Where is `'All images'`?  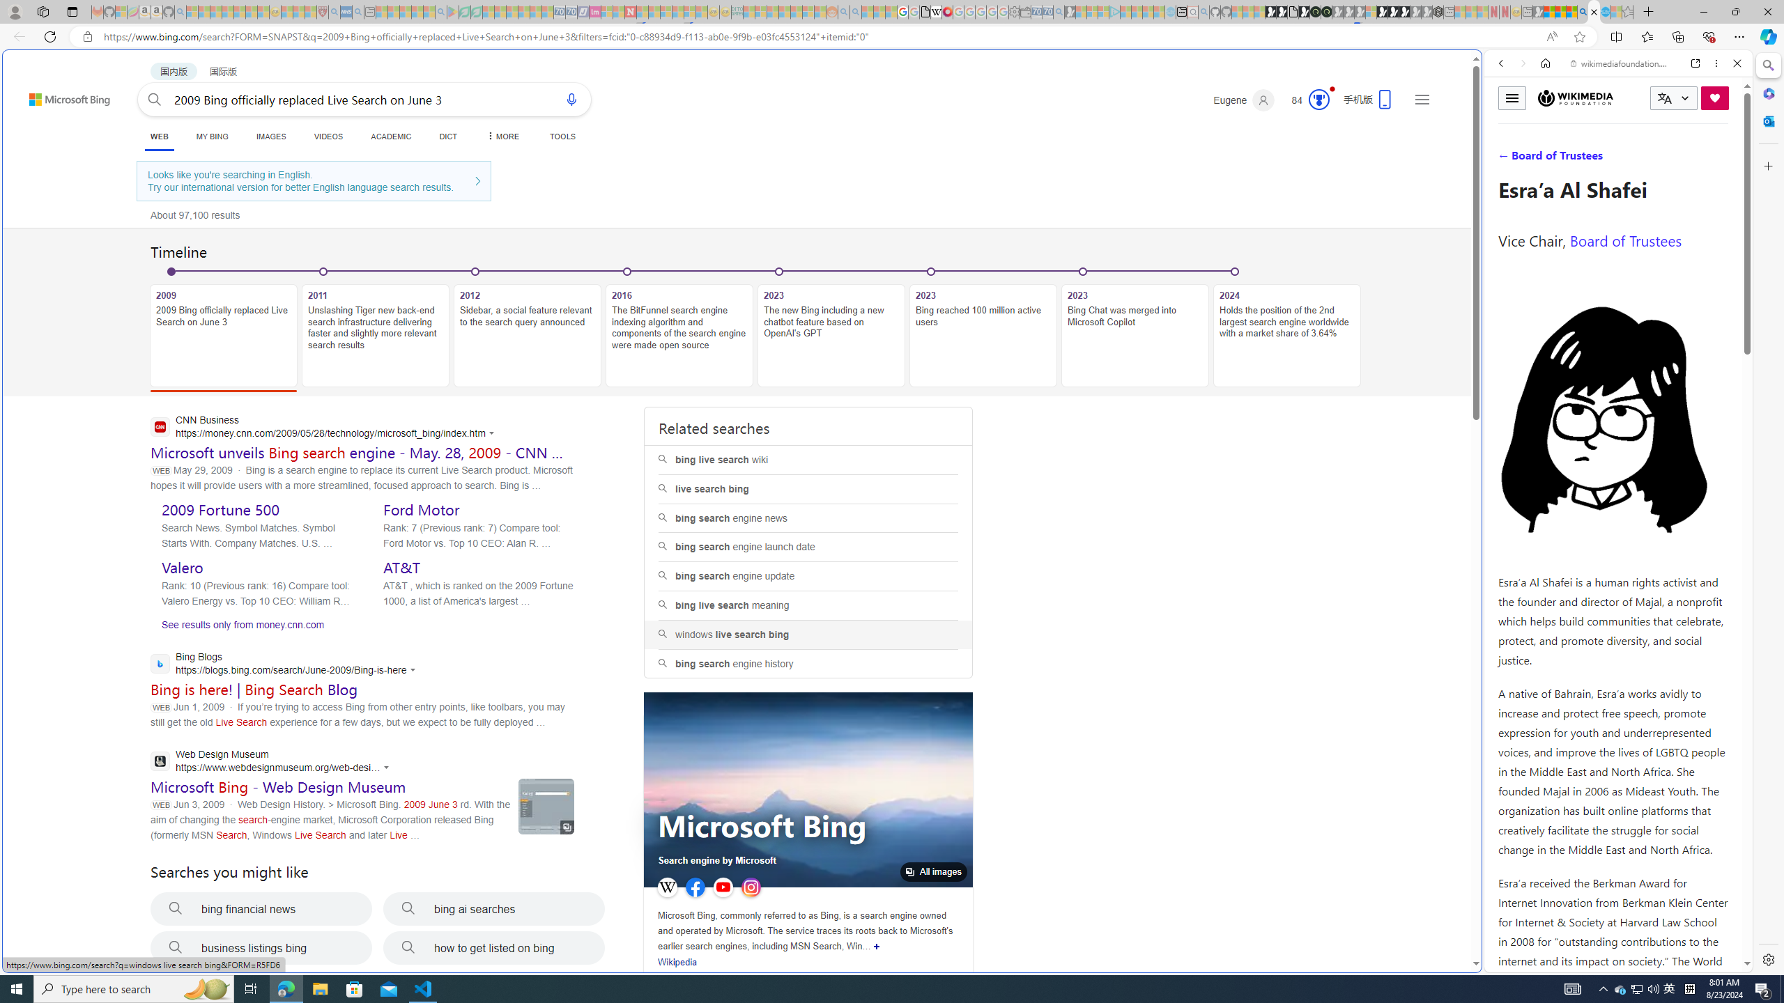
'All images' is located at coordinates (934, 872).